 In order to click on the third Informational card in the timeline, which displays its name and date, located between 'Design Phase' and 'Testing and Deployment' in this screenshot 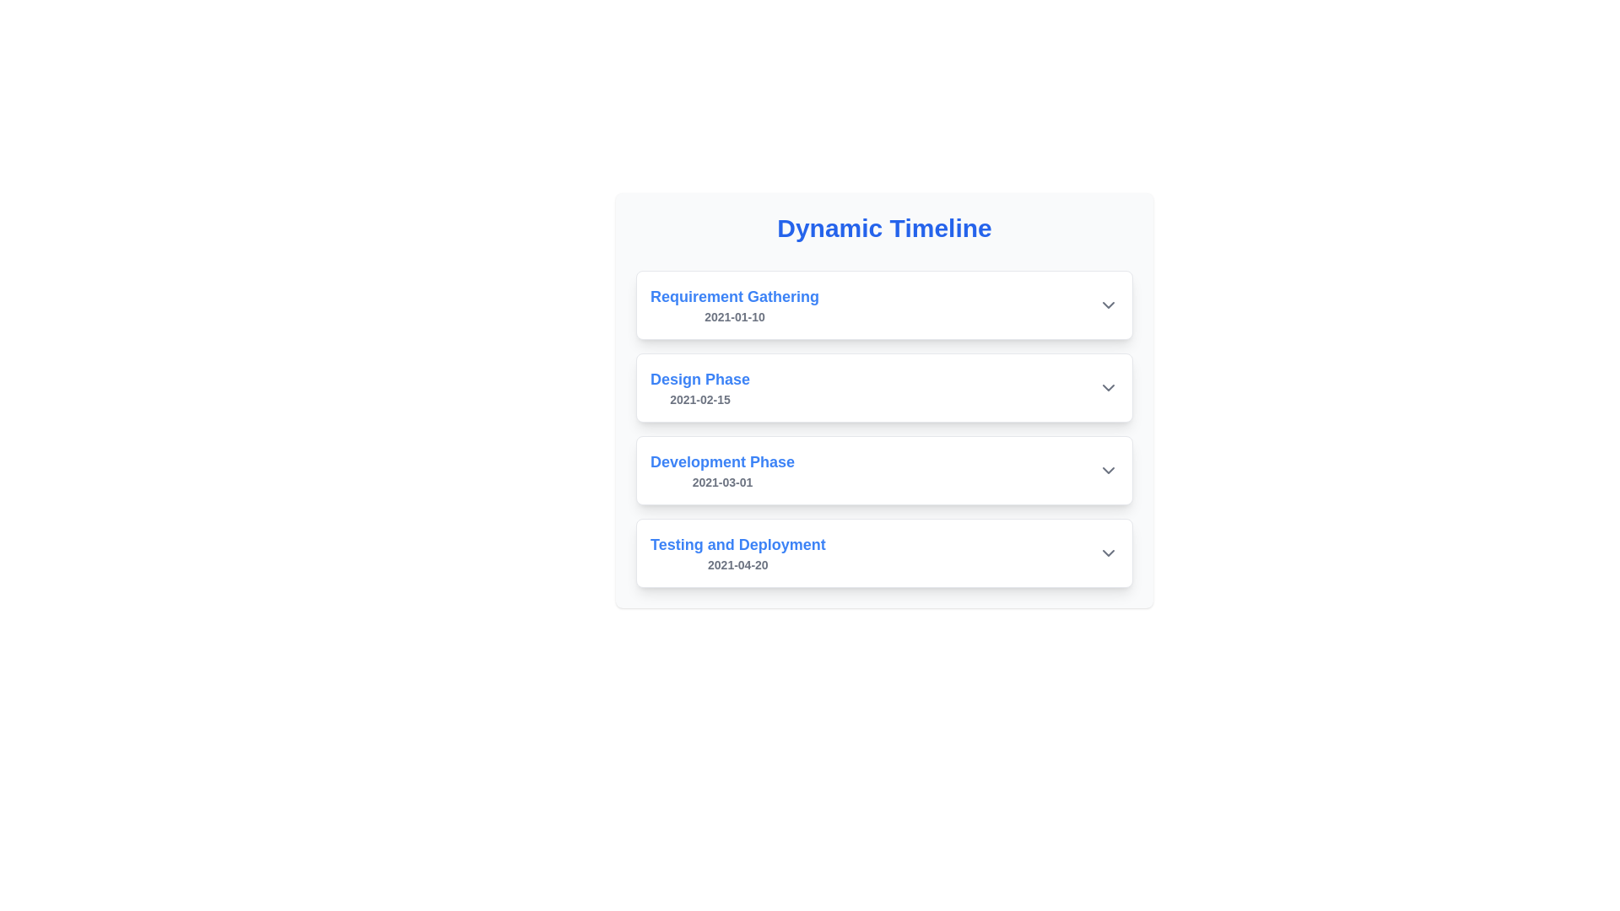, I will do `click(883, 471)`.